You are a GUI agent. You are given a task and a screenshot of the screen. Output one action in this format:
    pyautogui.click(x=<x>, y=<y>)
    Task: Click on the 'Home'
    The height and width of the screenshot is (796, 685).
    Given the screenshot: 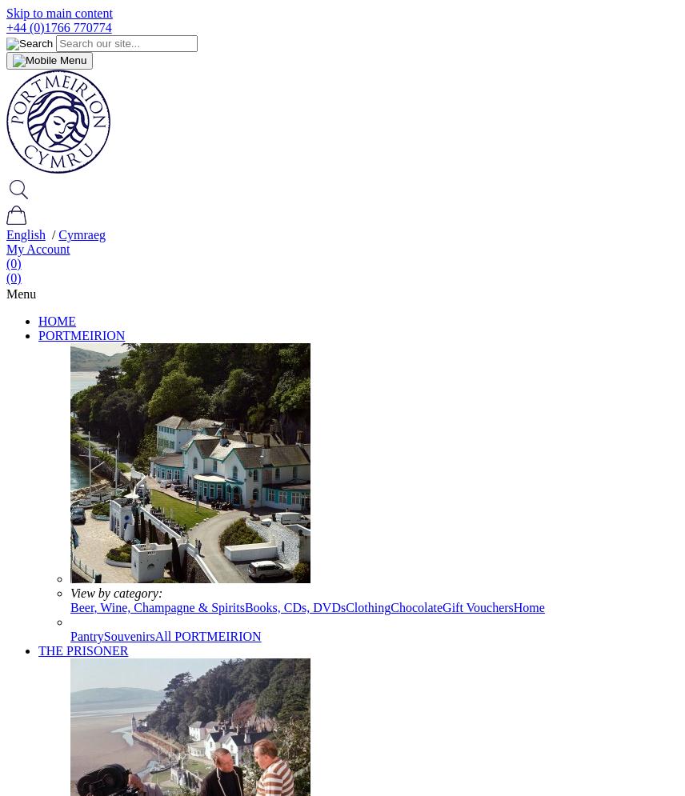 What is the action you would take?
    pyautogui.click(x=528, y=606)
    